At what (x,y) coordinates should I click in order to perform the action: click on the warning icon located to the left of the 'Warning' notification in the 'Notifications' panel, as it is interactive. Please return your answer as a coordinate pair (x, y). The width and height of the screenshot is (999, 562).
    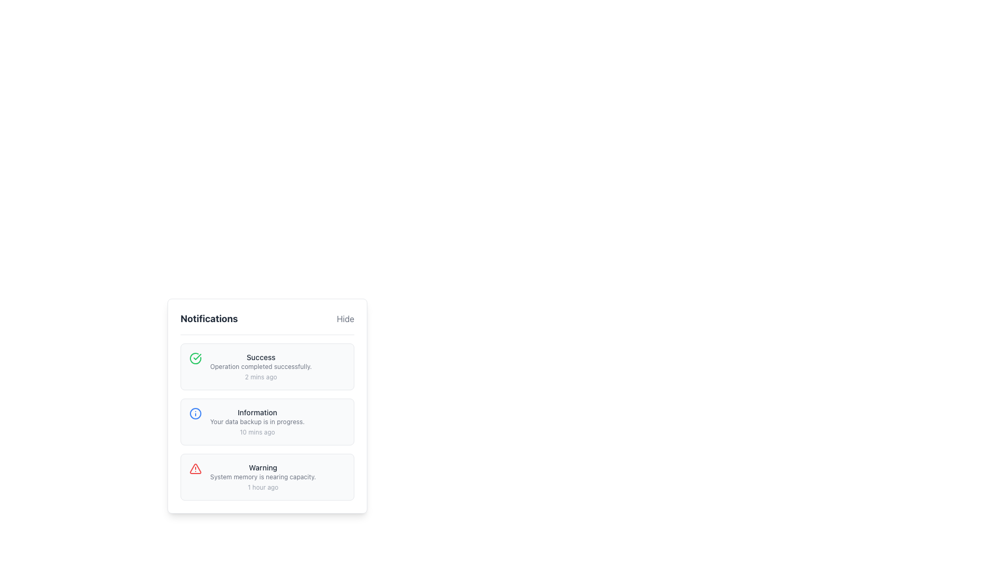
    Looking at the image, I should click on (195, 469).